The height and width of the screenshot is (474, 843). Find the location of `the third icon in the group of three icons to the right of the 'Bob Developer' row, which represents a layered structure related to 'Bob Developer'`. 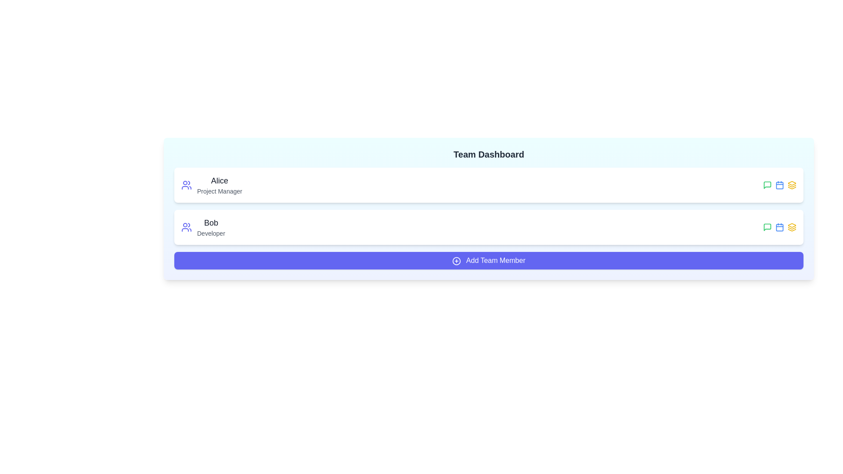

the third icon in the group of three icons to the right of the 'Bob Developer' row, which represents a layered structure related to 'Bob Developer' is located at coordinates (792, 230).